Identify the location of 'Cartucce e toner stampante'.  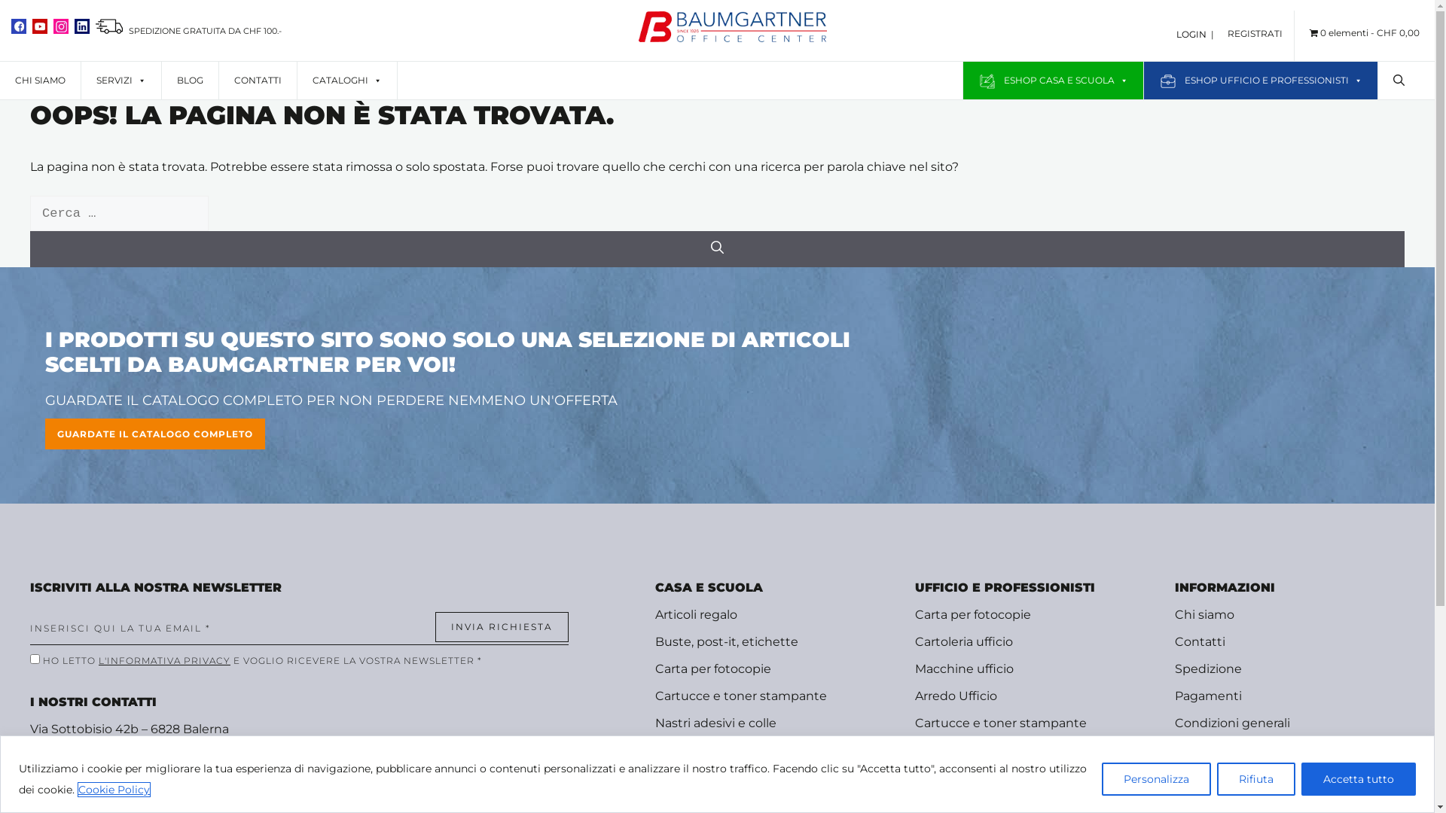
(740, 696).